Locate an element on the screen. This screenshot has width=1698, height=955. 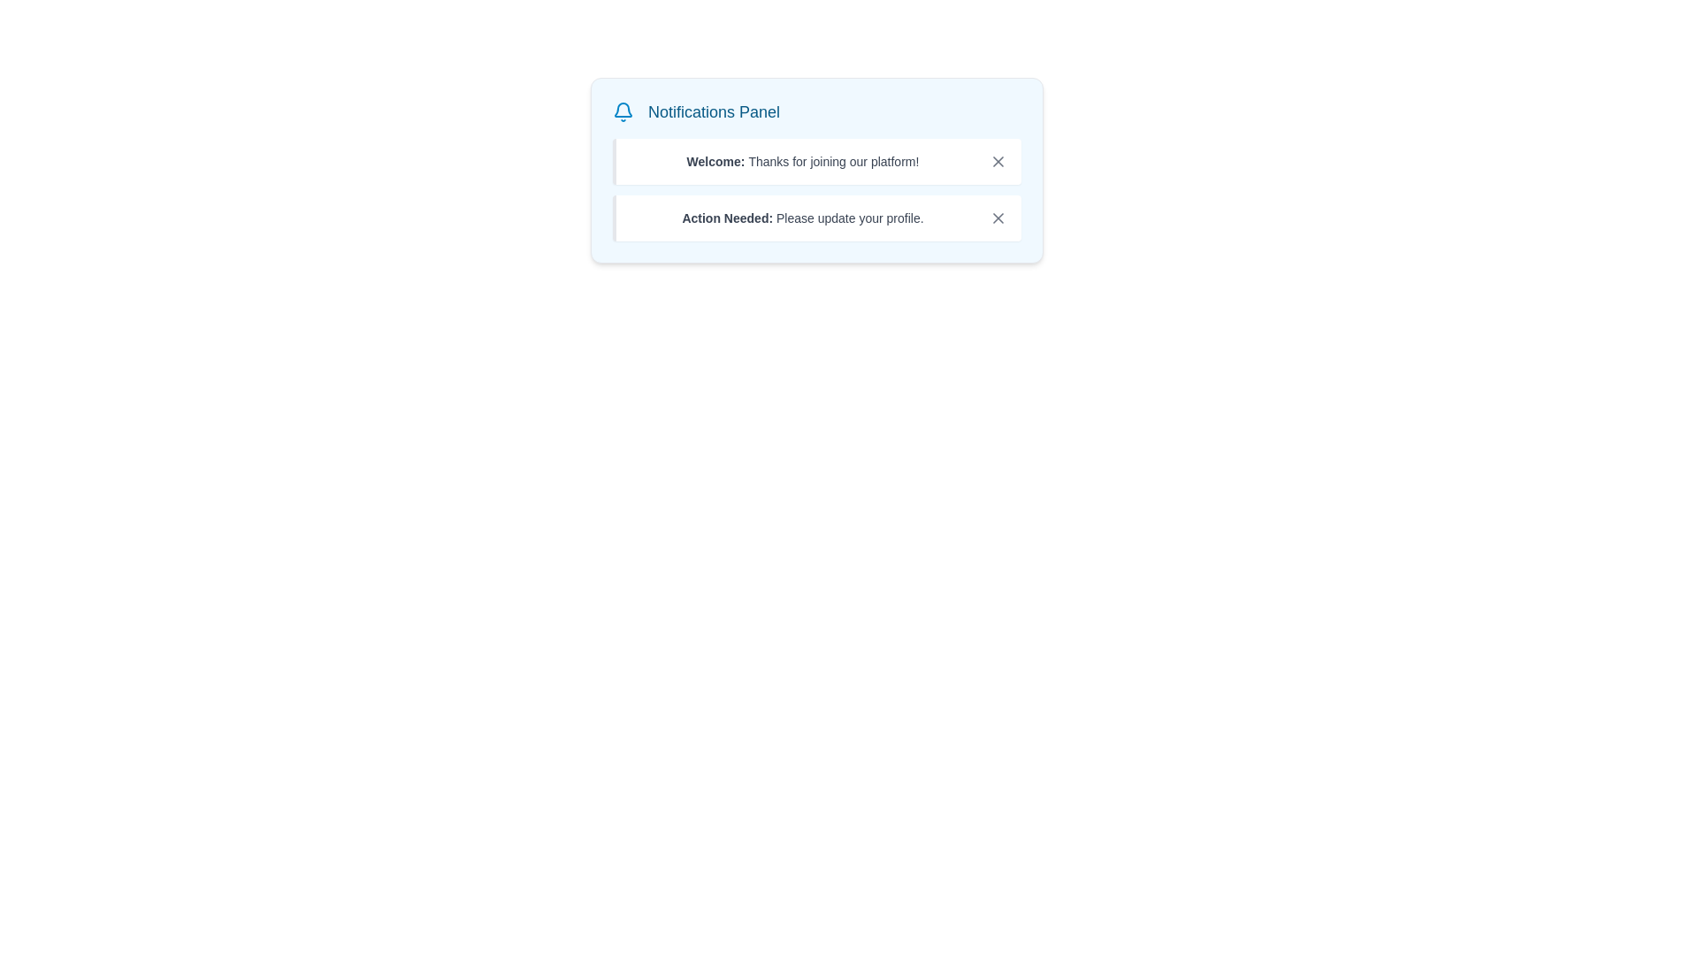
the informational message display that requests the user to update their profile, located below the welcome message in the second notification block is located at coordinates (801, 217).